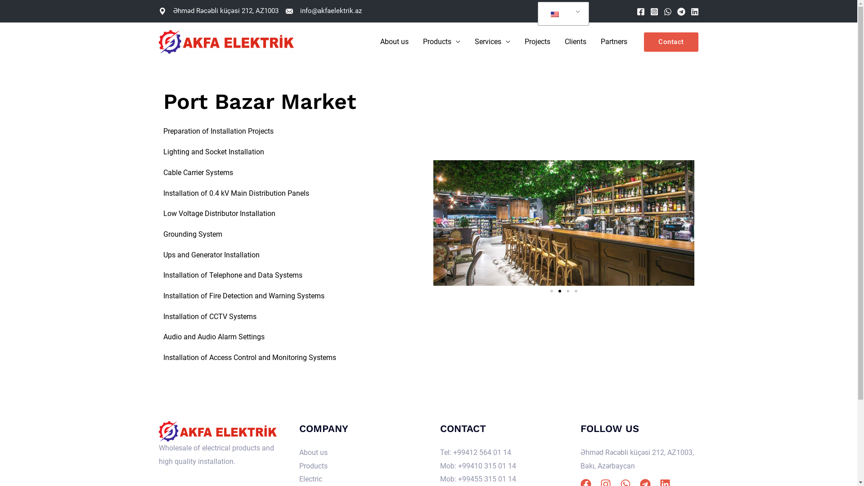  I want to click on 'Contact', so click(671, 41).